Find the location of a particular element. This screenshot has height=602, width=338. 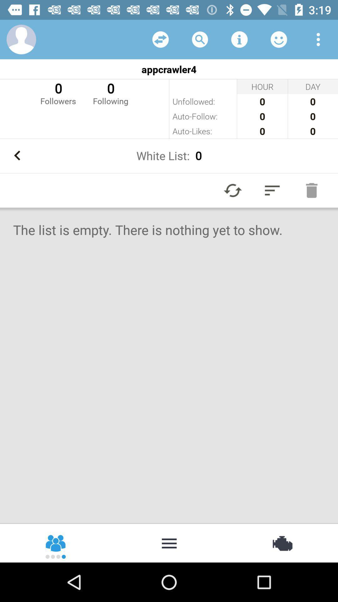

item at the bottom right corner is located at coordinates (282, 542).